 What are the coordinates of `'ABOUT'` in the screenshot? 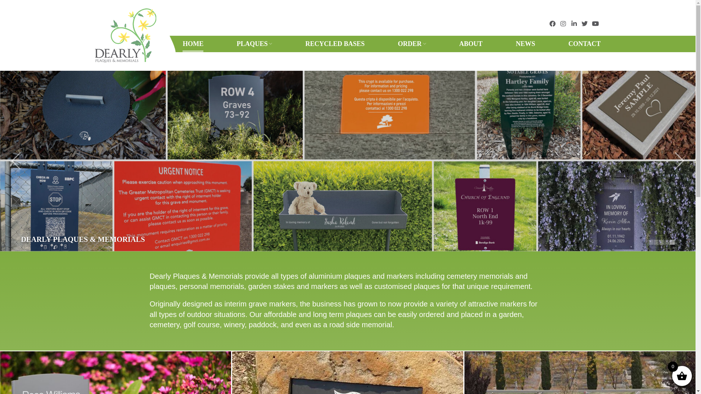 It's located at (471, 44).